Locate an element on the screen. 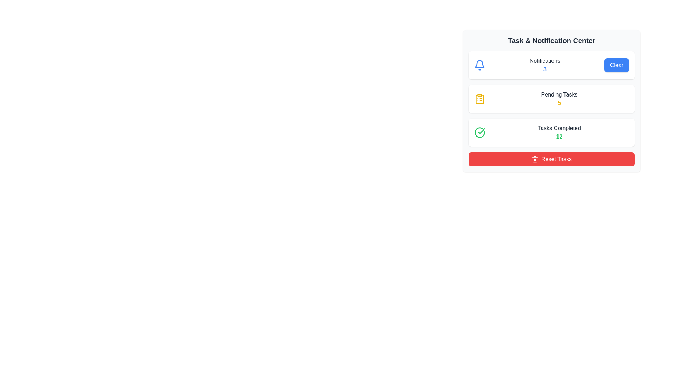 Image resolution: width=674 pixels, height=379 pixels. the notification bell icon with a blue outline located in the 'Notifications' section of the 'Task & Notification Center' card is located at coordinates (480, 65).